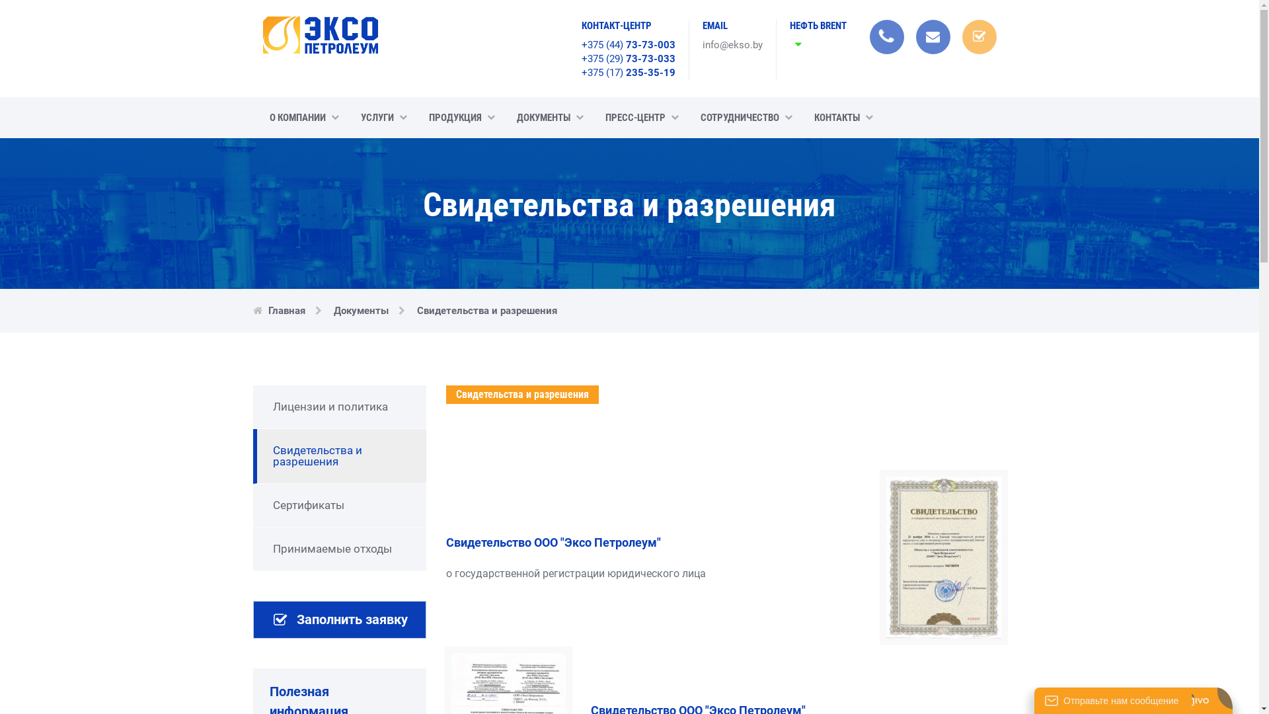 This screenshot has height=714, width=1269. What do you see at coordinates (581, 73) in the screenshot?
I see `'+375 (17) 235-35-19'` at bounding box center [581, 73].